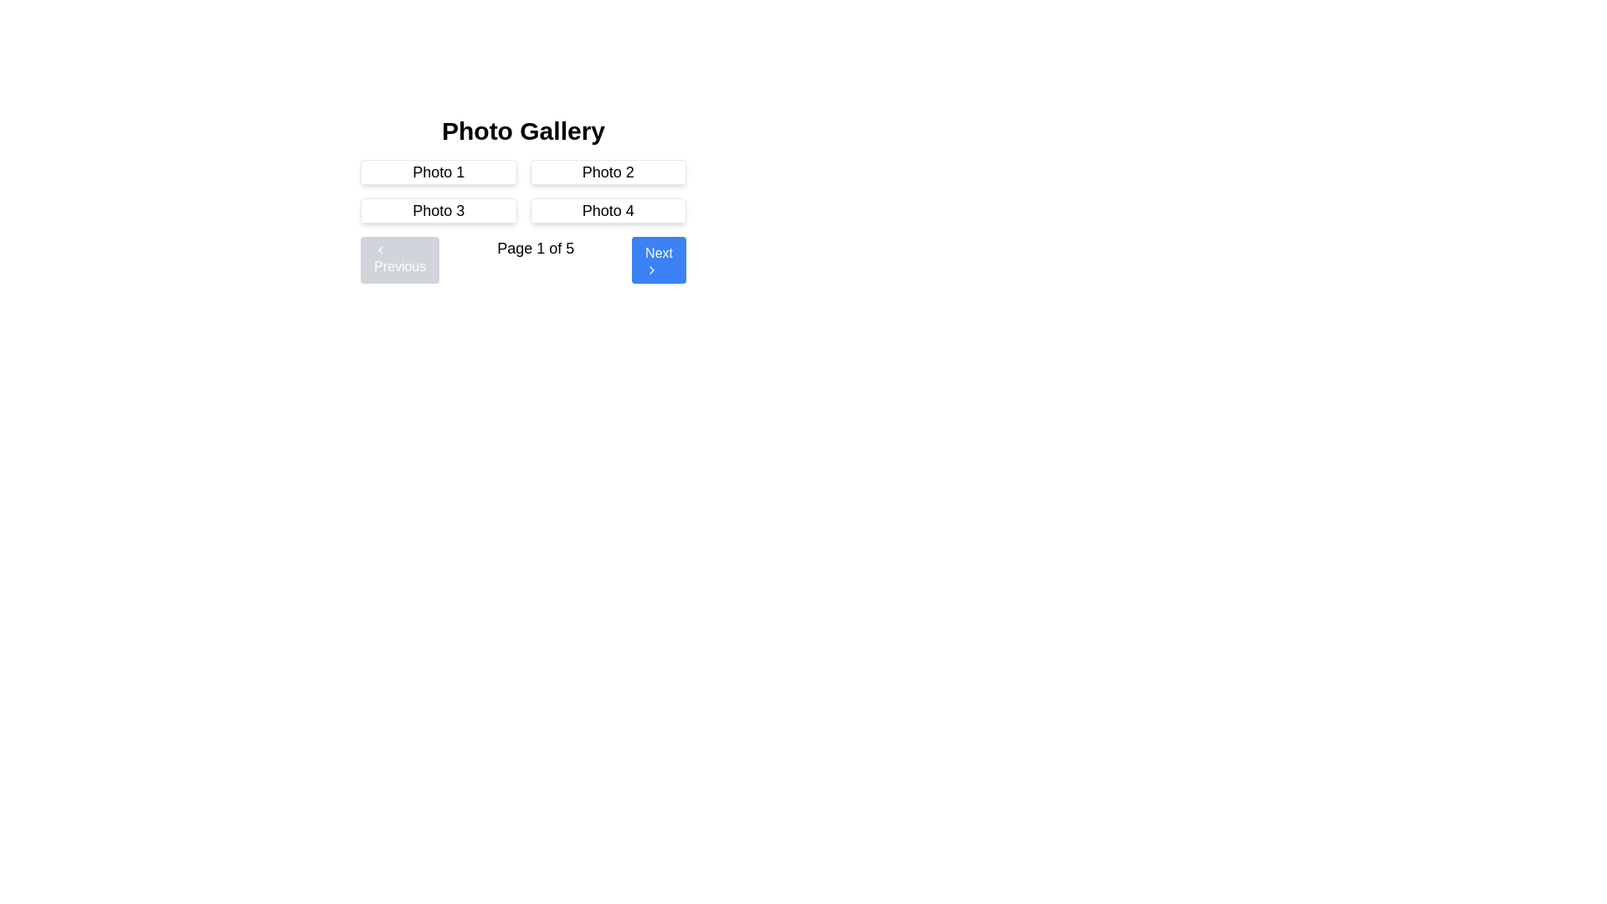  Describe the element at coordinates (651, 270) in the screenshot. I see `the 'Next' button which contains the rightward-pointing chevron arrow styled as an SVG graphic, located in the bottom-right corner of the interface under a photo gallery` at that location.